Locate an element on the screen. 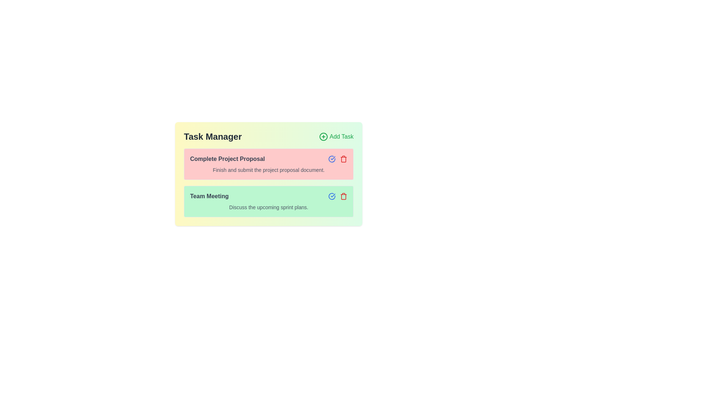 Image resolution: width=702 pixels, height=395 pixels. the main body of the trash can icon is located at coordinates (343, 196).